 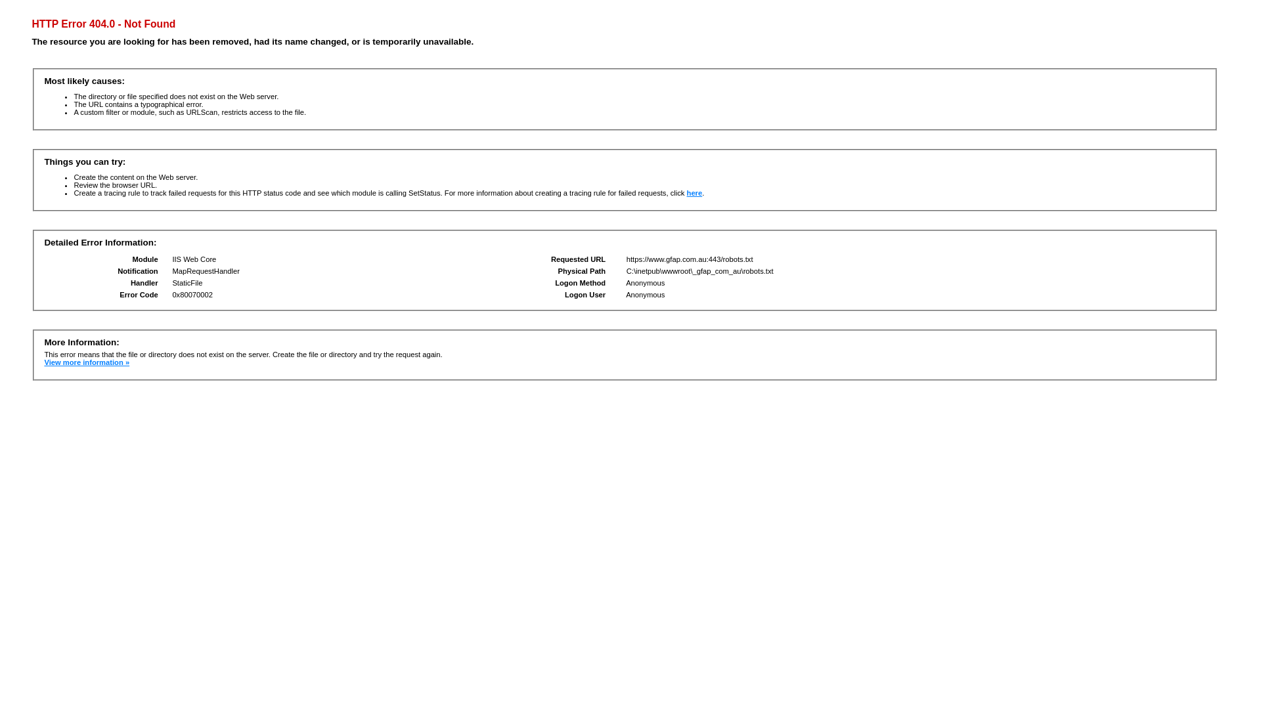 What do you see at coordinates (694, 192) in the screenshot?
I see `'here'` at bounding box center [694, 192].